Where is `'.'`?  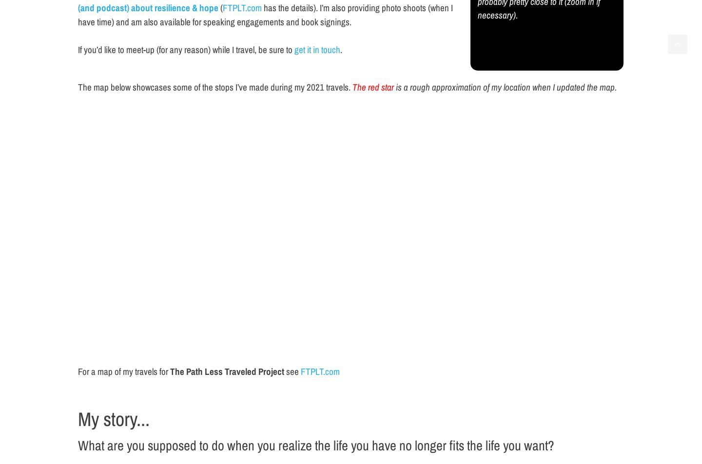 '.' is located at coordinates (341, 49).